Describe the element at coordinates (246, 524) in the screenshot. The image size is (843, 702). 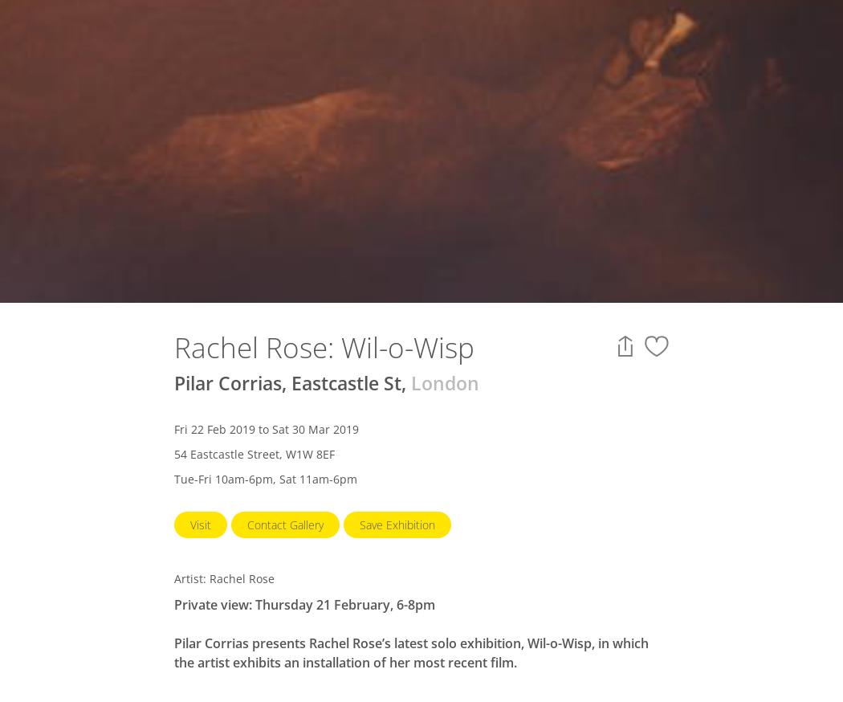
I see `'Contact Gallery'` at that location.